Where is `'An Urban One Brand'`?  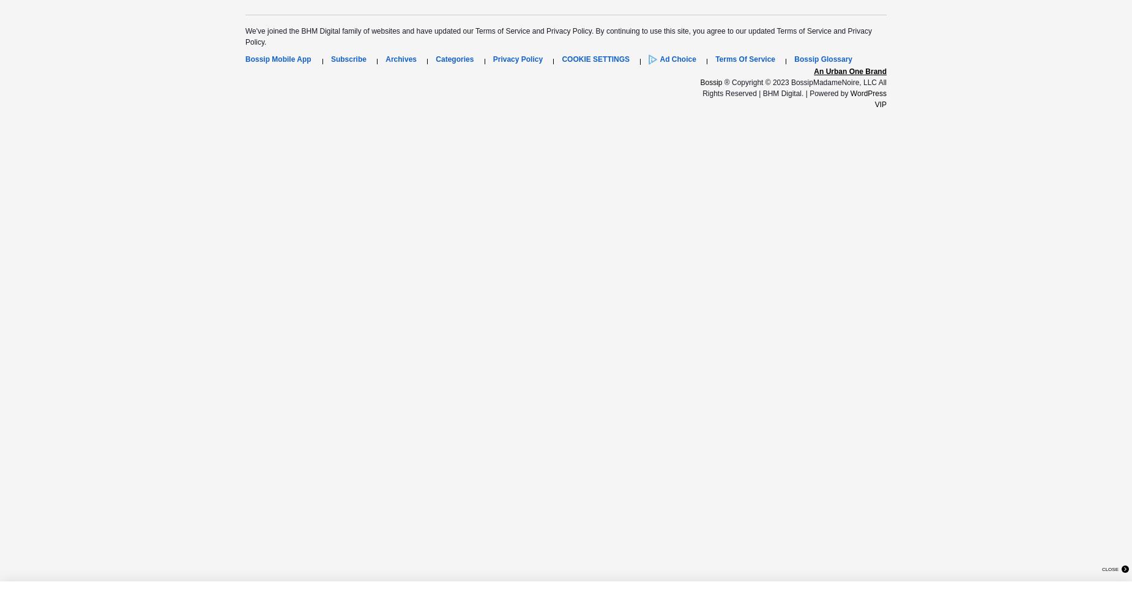 'An Urban One Brand' is located at coordinates (850, 70).